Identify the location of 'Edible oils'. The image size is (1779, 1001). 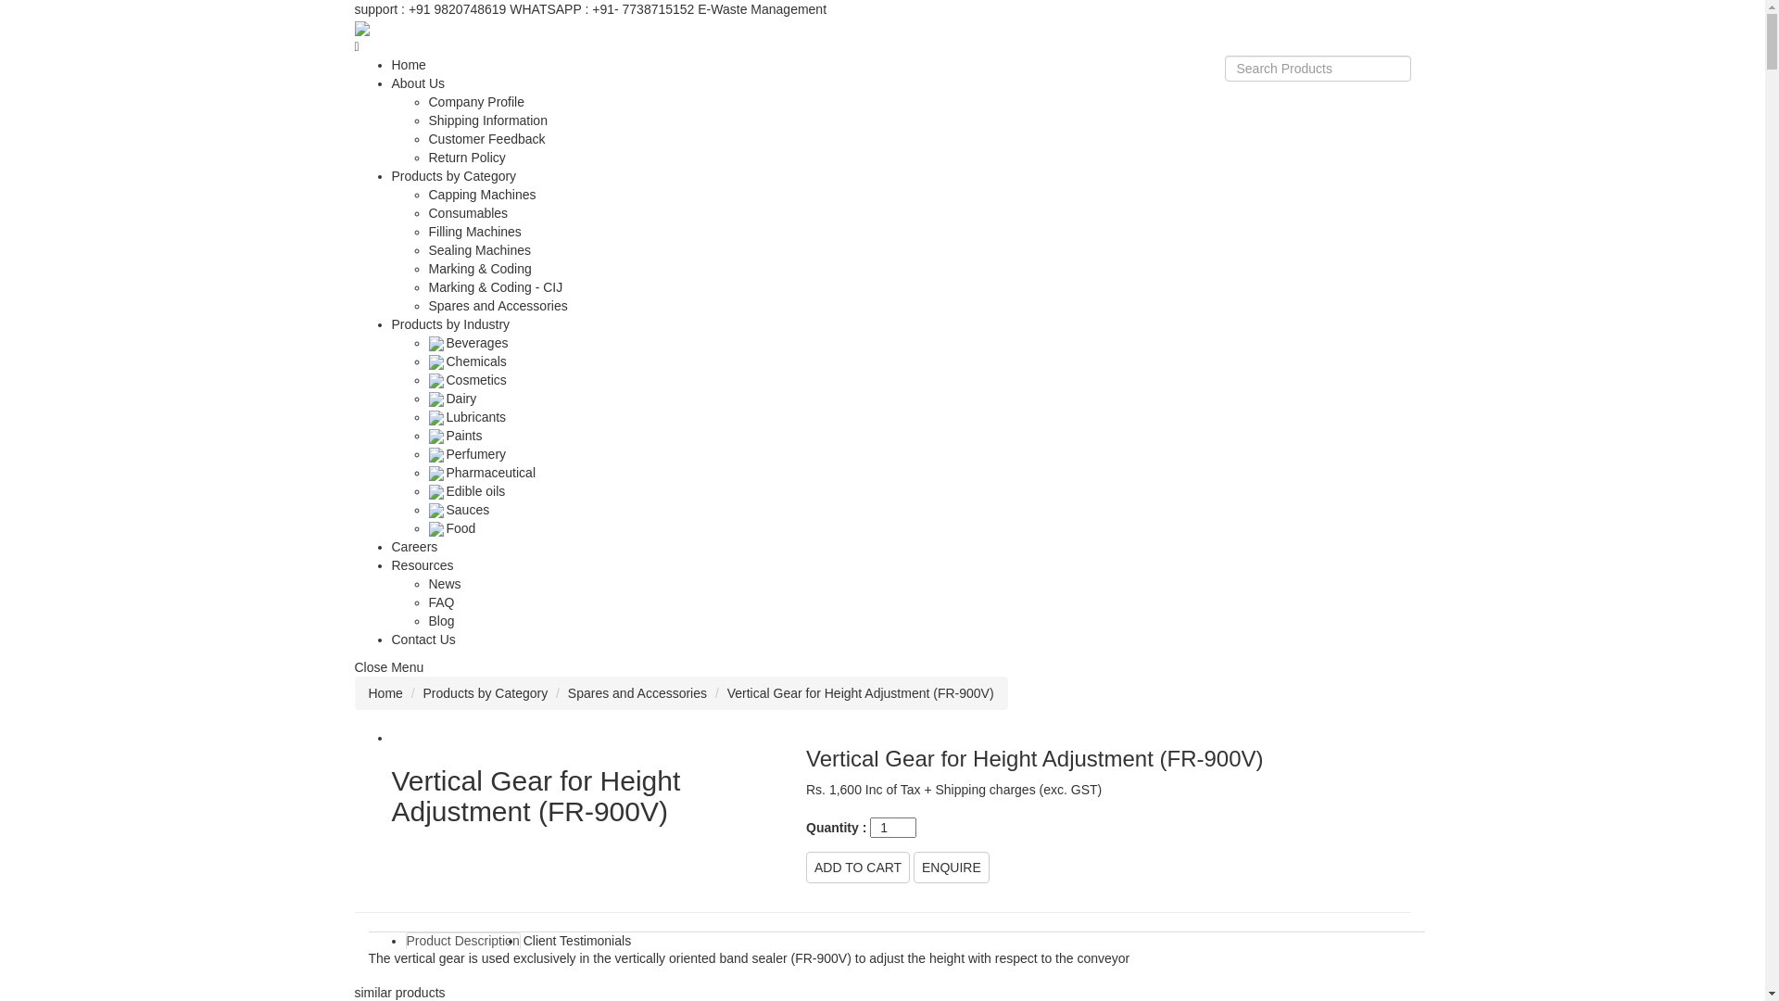
(466, 489).